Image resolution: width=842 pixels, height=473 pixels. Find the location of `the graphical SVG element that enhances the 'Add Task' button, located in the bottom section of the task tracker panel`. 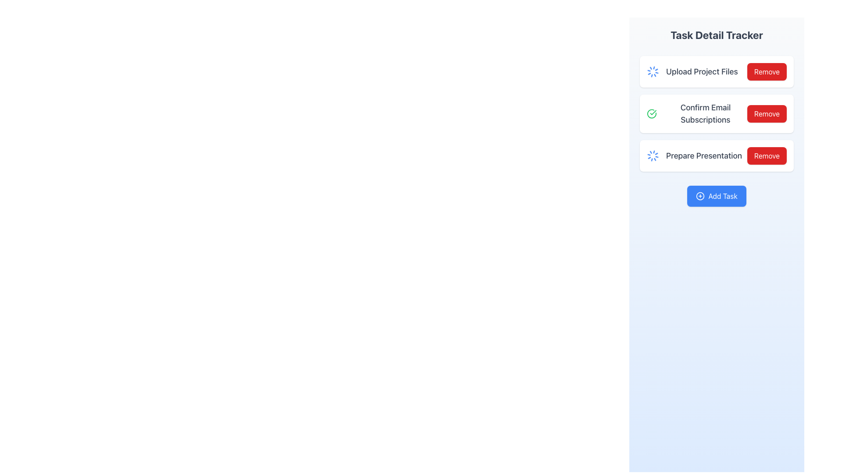

the graphical SVG element that enhances the 'Add Task' button, located in the bottom section of the task tracker panel is located at coordinates (700, 195).